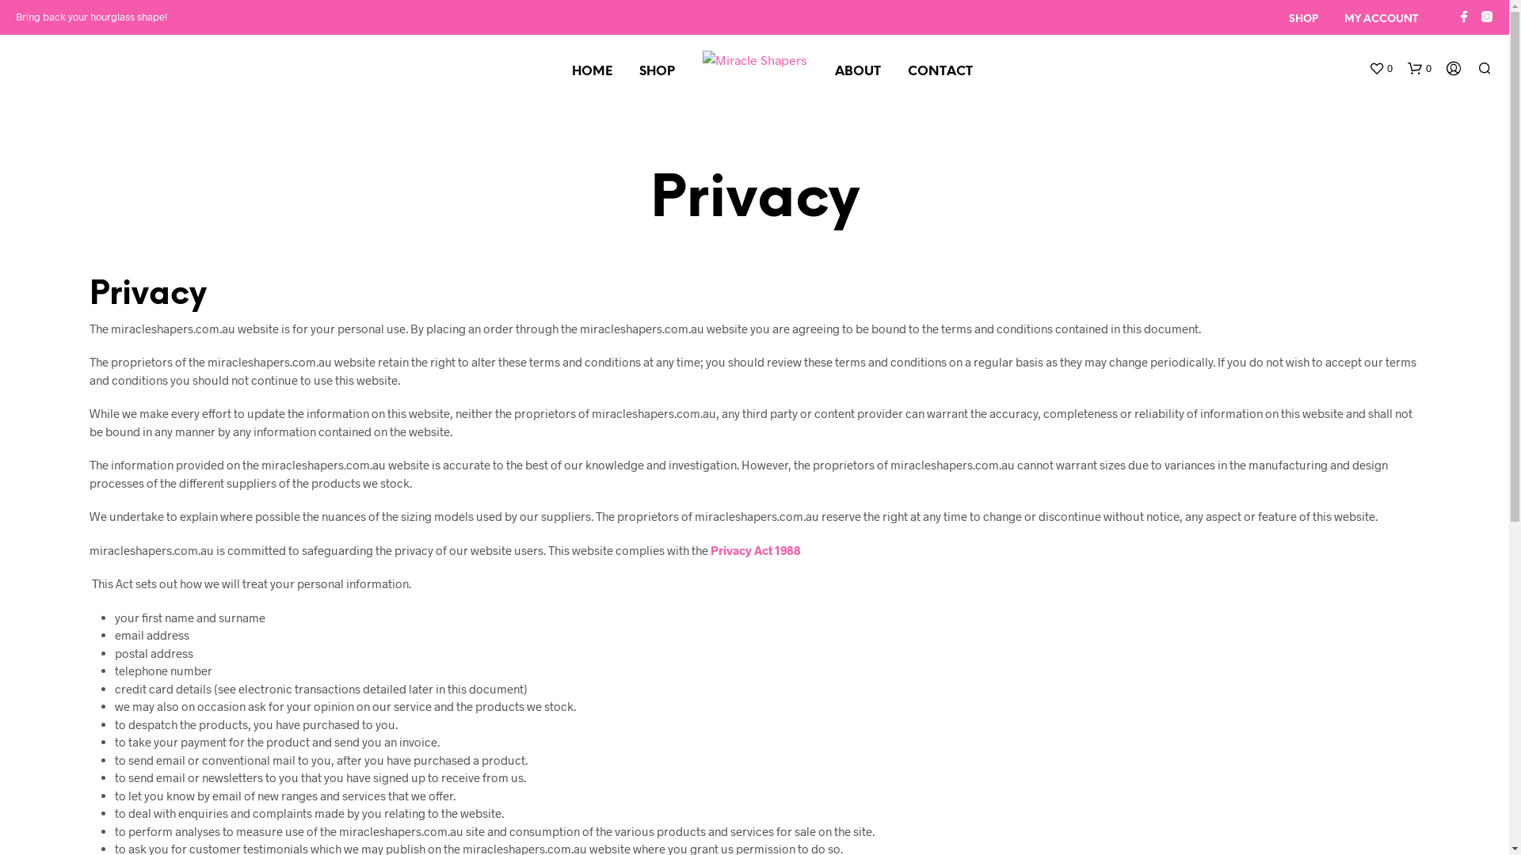  I want to click on 'CONTACT', so click(939, 72).